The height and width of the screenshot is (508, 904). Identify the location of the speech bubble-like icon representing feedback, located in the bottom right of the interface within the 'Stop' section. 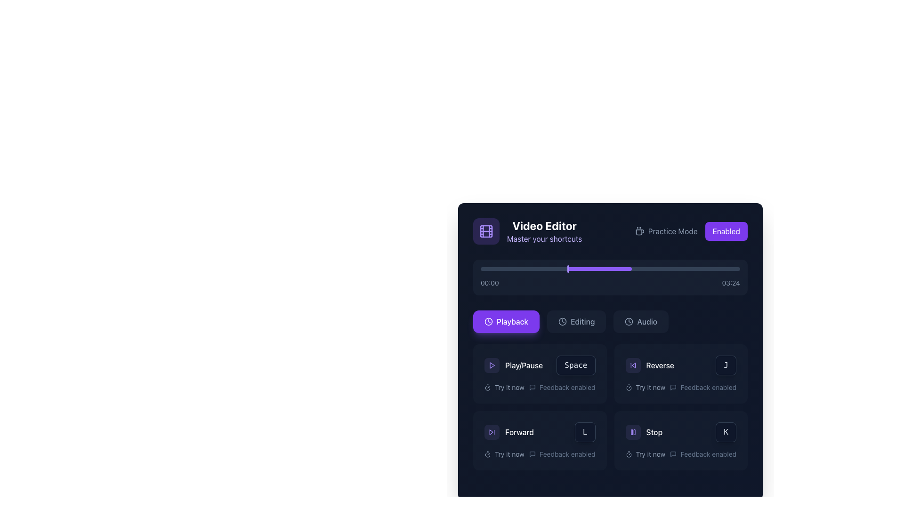
(673, 453).